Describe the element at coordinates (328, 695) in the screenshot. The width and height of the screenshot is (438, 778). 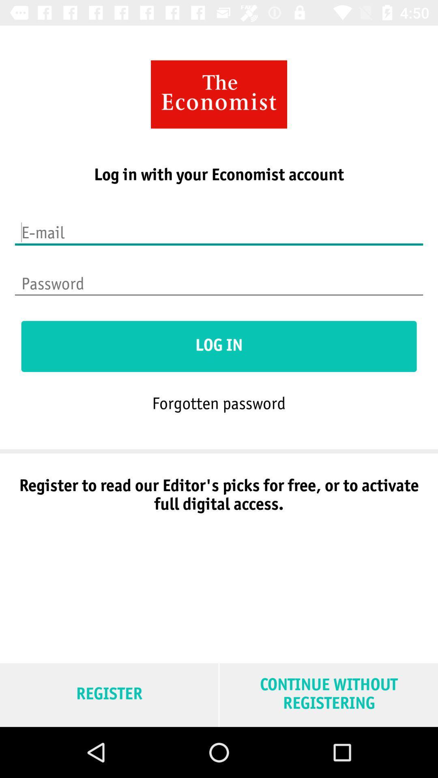
I see `item next to register` at that location.